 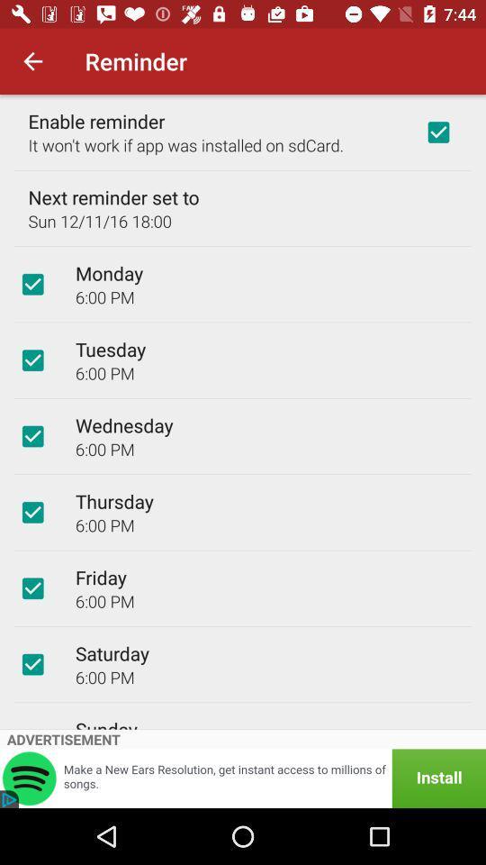 What do you see at coordinates (32, 61) in the screenshot?
I see `the app next to reminder` at bounding box center [32, 61].